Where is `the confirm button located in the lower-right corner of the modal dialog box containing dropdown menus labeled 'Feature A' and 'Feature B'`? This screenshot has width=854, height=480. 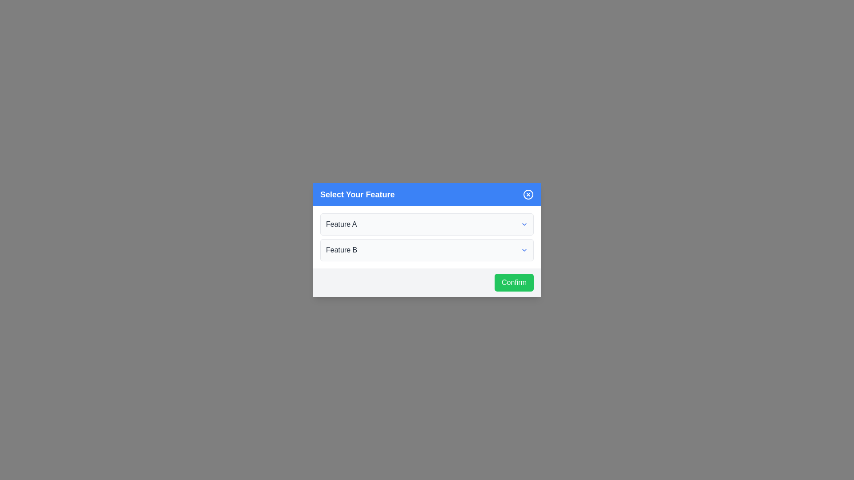 the confirm button located in the lower-right corner of the modal dialog box containing dropdown menus labeled 'Feature A' and 'Feature B' is located at coordinates (514, 283).